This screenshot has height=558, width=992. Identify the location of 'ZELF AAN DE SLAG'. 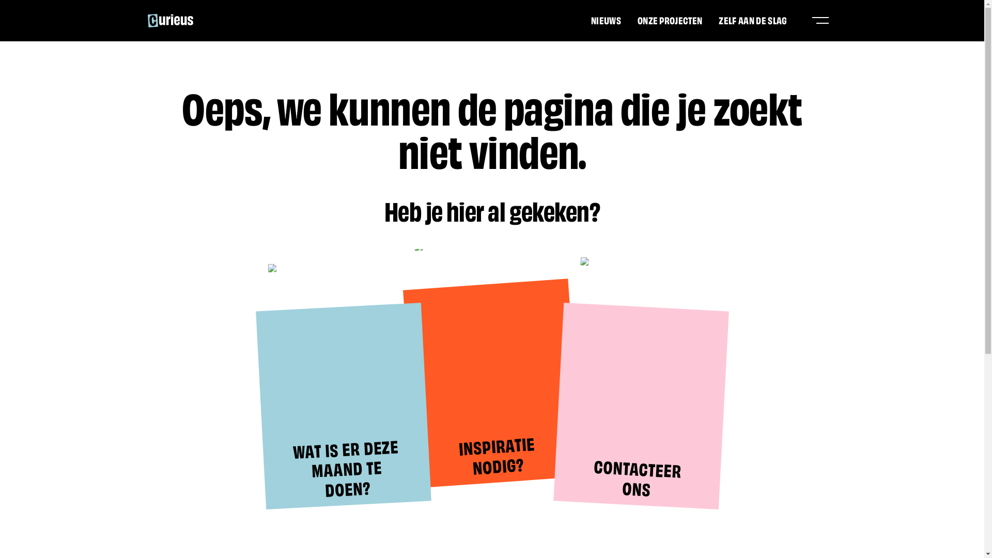
(753, 20).